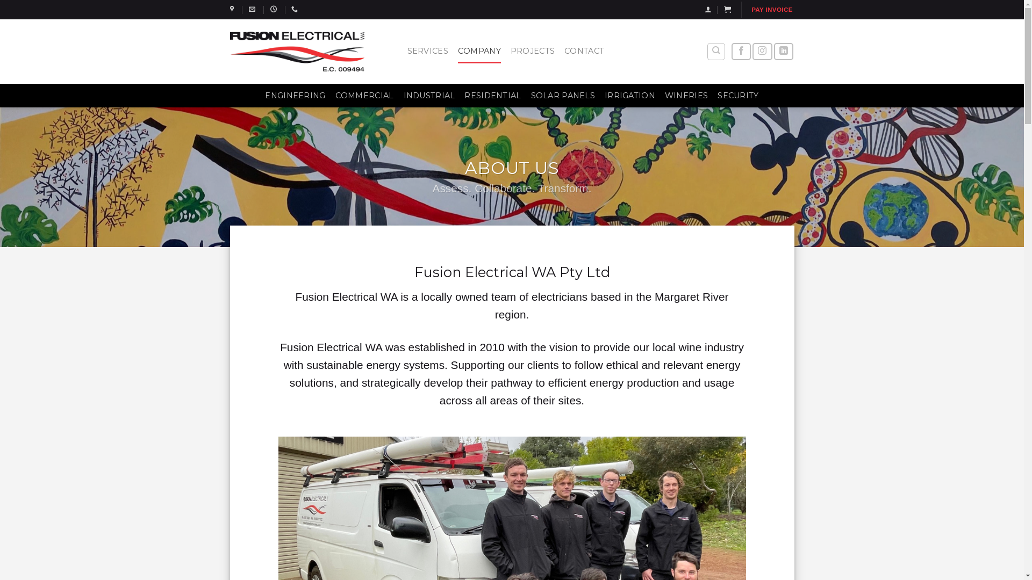 The width and height of the screenshot is (1032, 580). What do you see at coordinates (583, 51) in the screenshot?
I see `'CONTACT'` at bounding box center [583, 51].